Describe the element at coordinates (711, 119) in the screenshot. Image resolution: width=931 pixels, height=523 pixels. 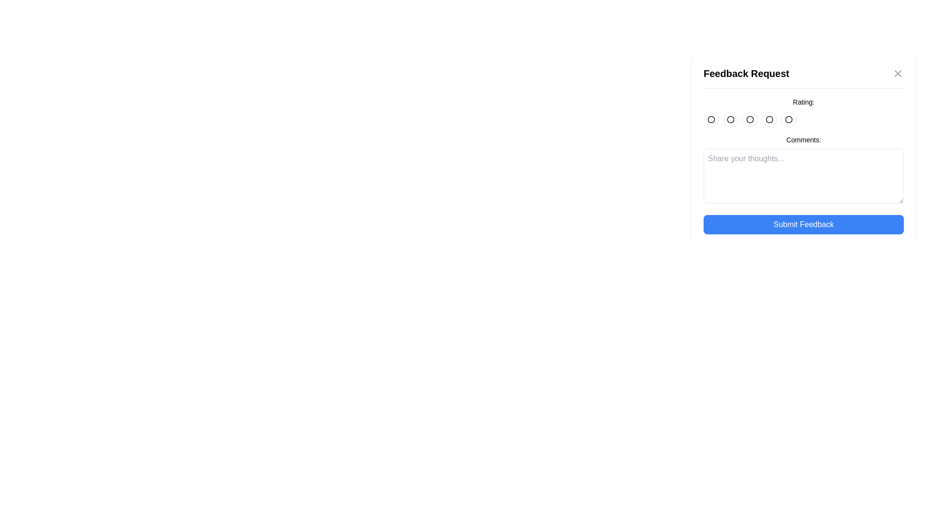
I see `the first circular radio button with a black border in the 'Rating' section of the 'Feedback Request' dialog box` at that location.